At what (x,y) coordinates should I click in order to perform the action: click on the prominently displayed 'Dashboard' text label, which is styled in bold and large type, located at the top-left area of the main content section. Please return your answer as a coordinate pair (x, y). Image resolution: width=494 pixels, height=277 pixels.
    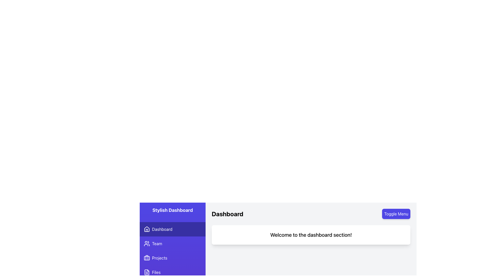
    Looking at the image, I should click on (227, 214).